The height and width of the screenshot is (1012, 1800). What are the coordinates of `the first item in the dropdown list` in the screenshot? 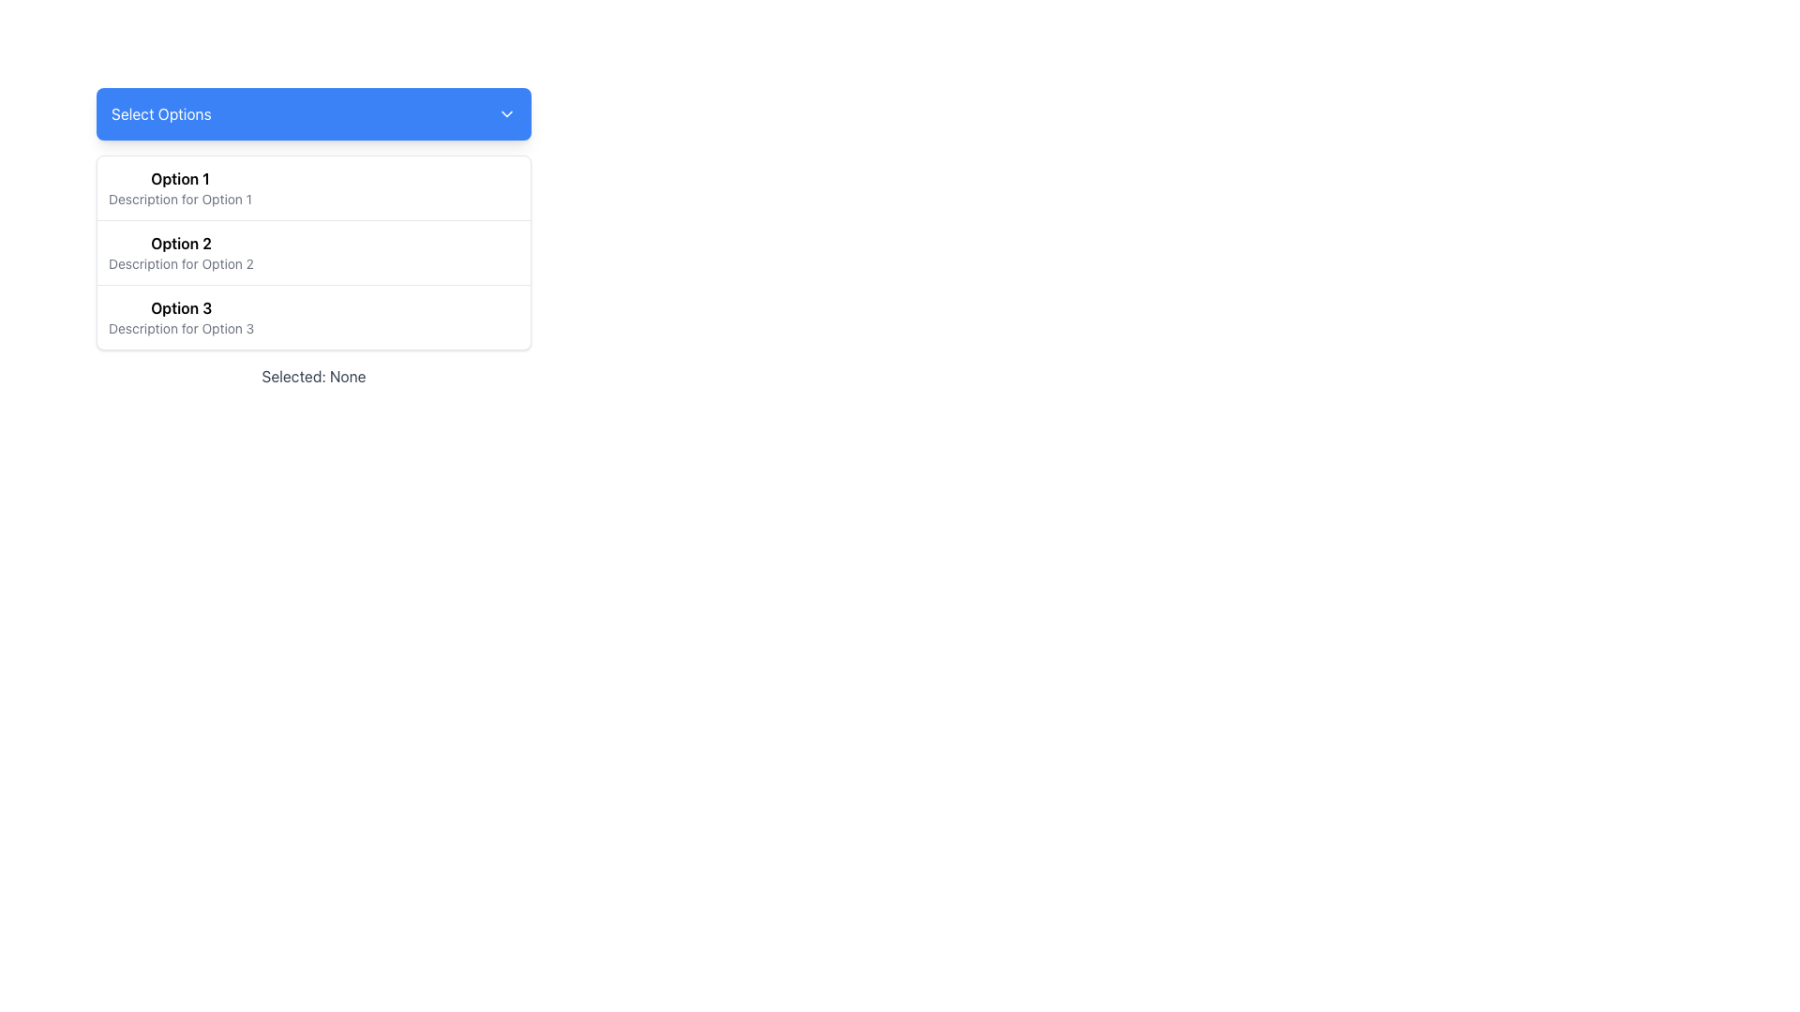 It's located at (314, 187).